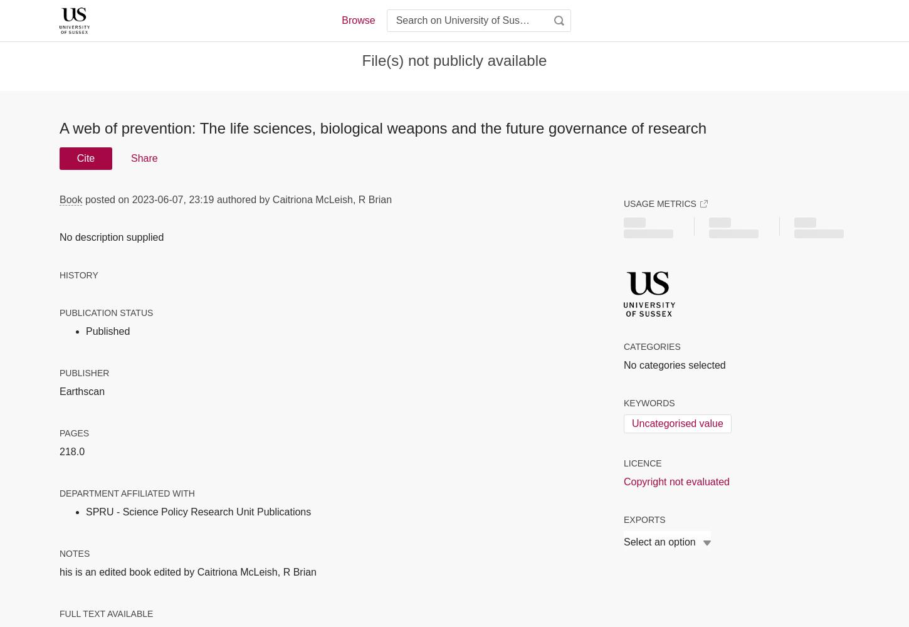  What do you see at coordinates (172, 198) in the screenshot?
I see `'2023-06-07, 23:19'` at bounding box center [172, 198].